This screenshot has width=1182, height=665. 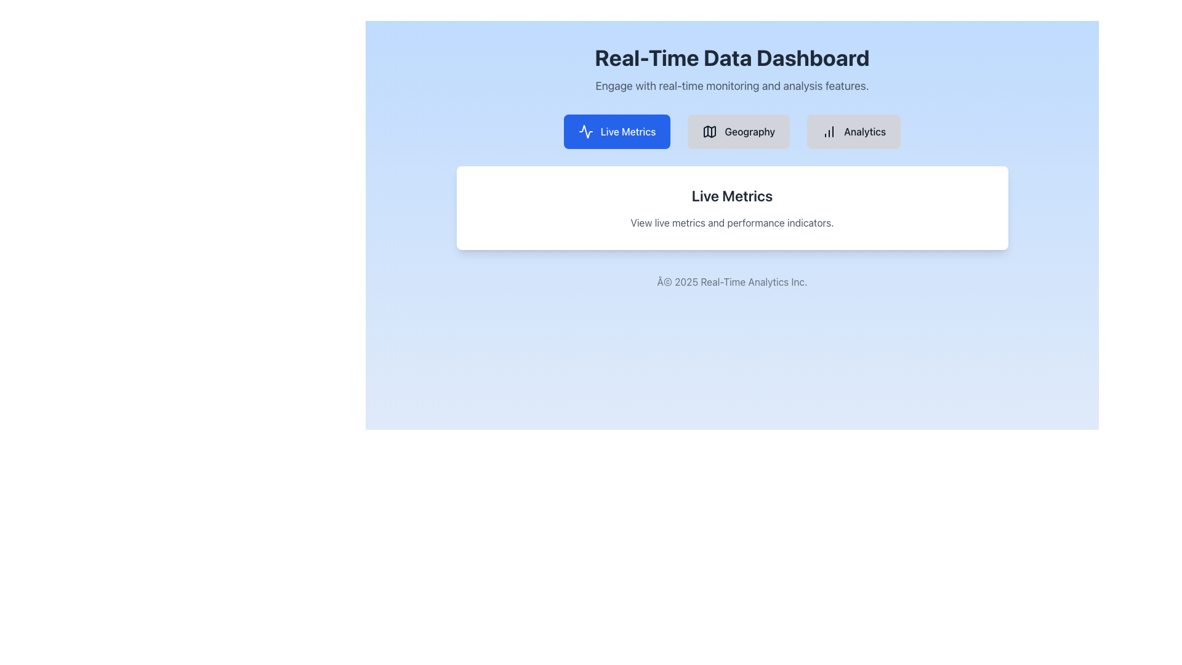 I want to click on the 'Live Metrics' button, which is the first button from the left in a row of three buttons below the 'Real-Time Data Dashboard' title, to apply a scaling animation, so click(x=617, y=131).